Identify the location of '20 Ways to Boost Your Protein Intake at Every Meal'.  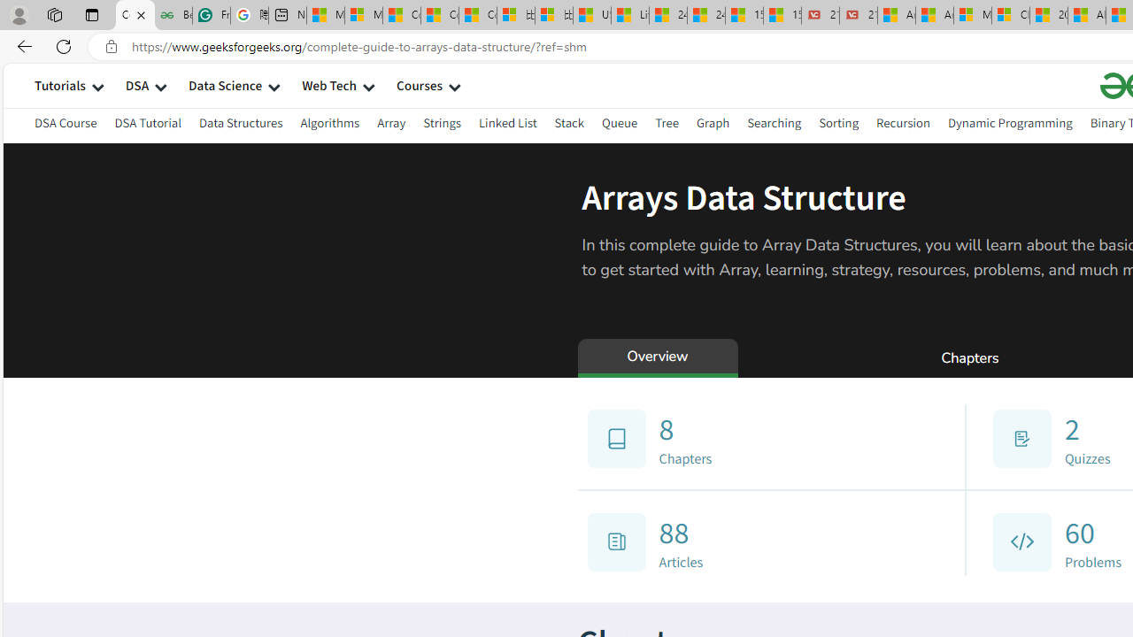
(1048, 15).